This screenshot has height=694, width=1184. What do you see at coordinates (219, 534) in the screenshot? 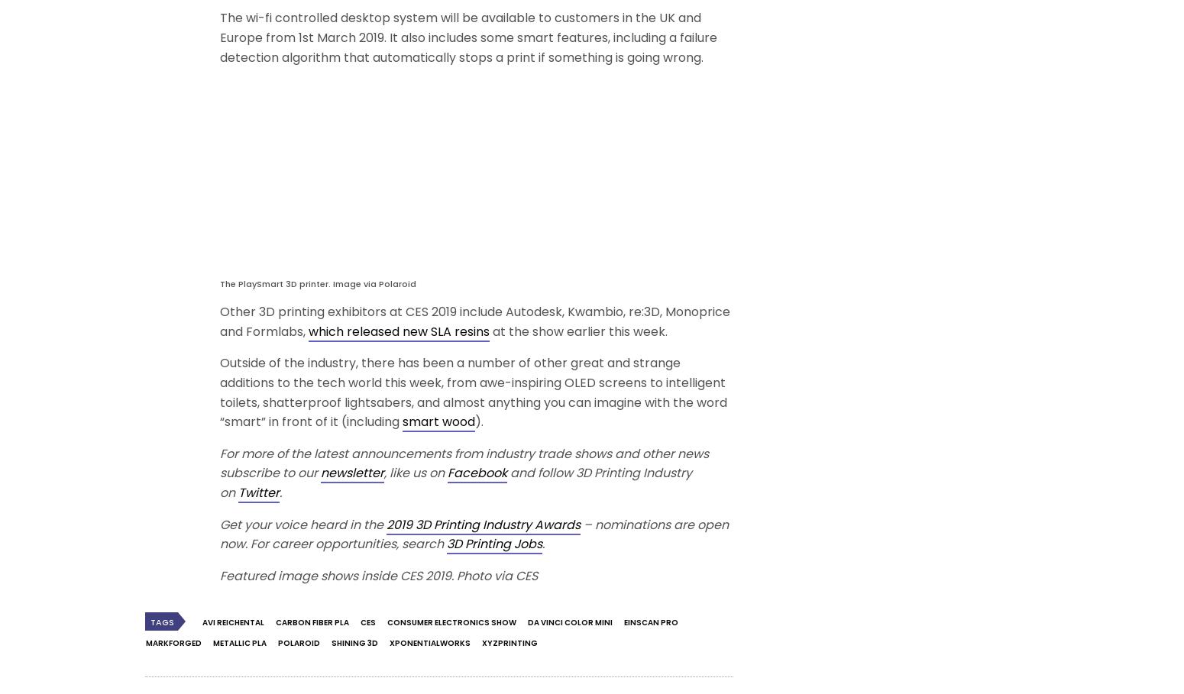
I see `'– nominations are open now.'` at bounding box center [219, 534].